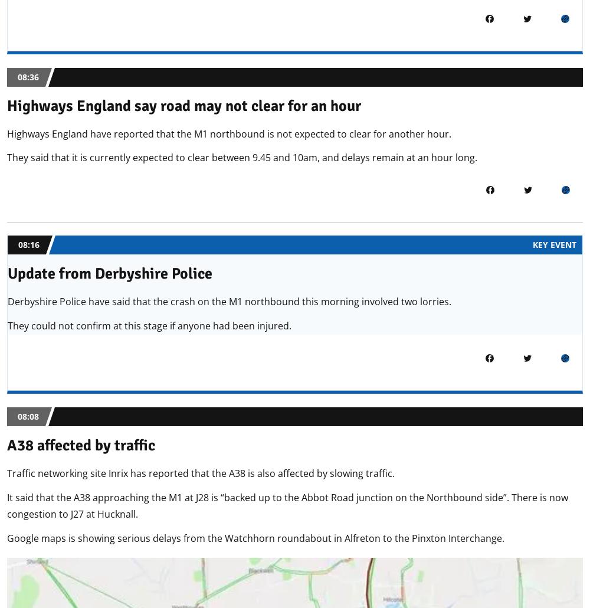  What do you see at coordinates (110, 273) in the screenshot?
I see `'Update from Derbyshire Police'` at bounding box center [110, 273].